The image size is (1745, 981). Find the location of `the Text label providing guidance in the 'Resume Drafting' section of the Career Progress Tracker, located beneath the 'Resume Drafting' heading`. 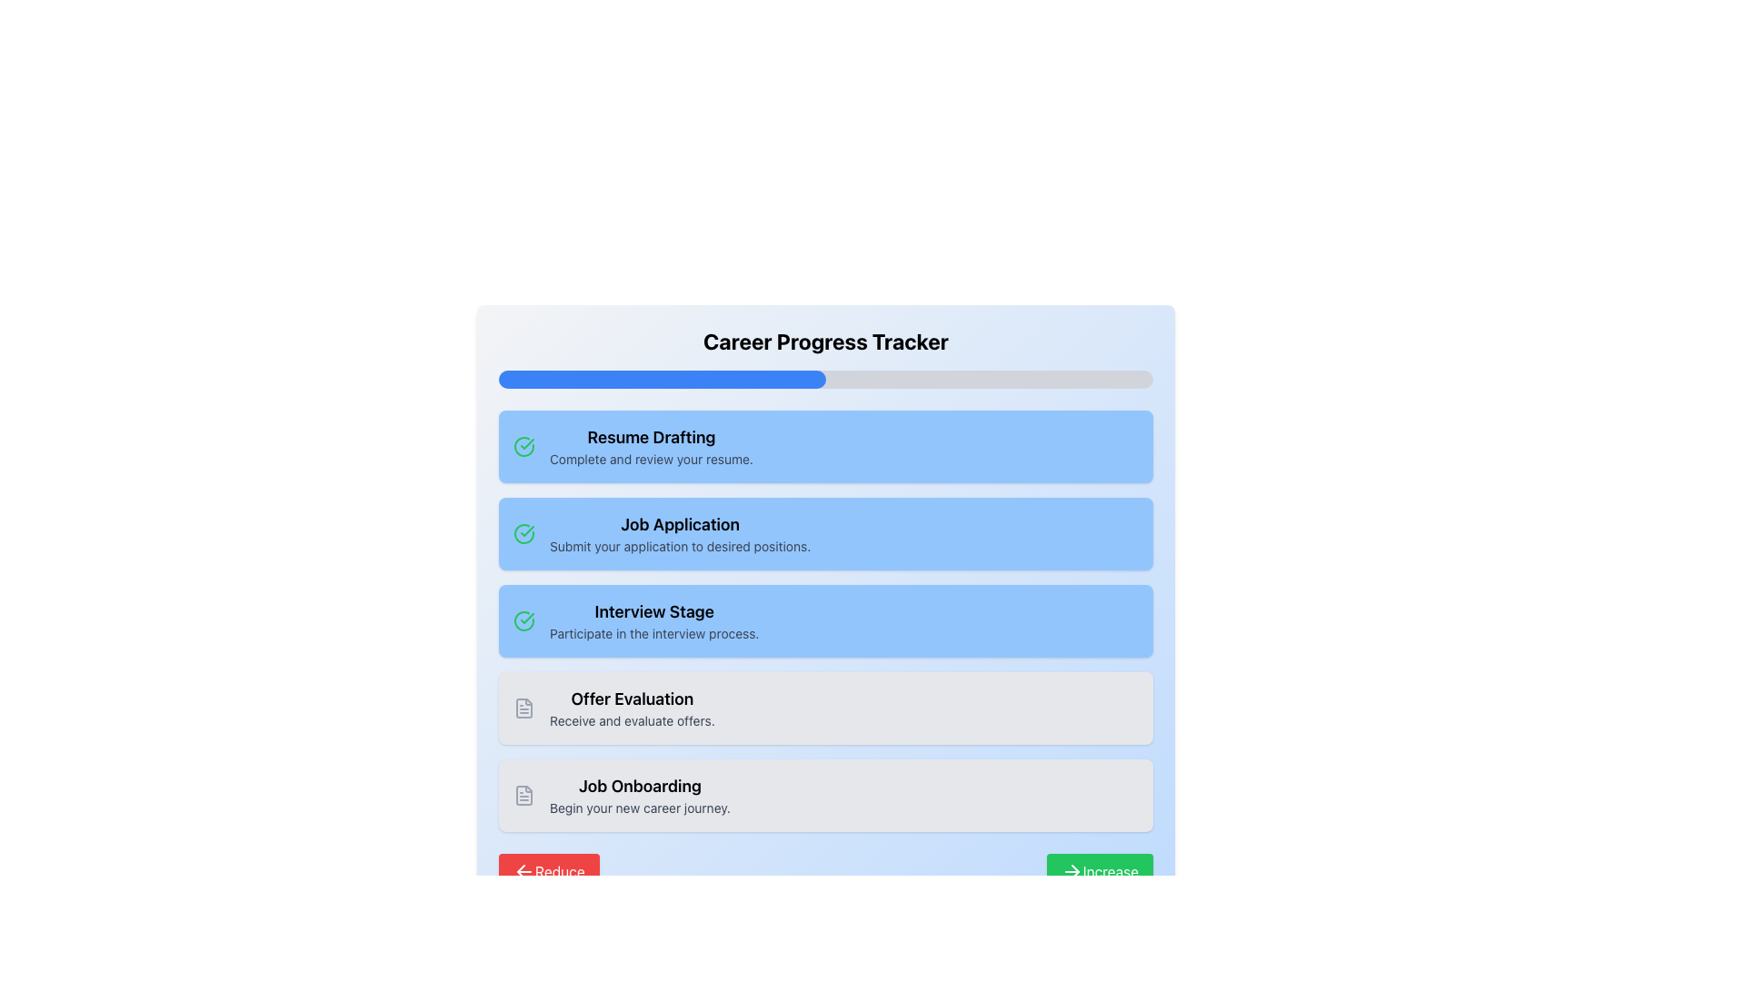

the Text label providing guidance in the 'Resume Drafting' section of the Career Progress Tracker, located beneath the 'Resume Drafting' heading is located at coordinates (651, 458).